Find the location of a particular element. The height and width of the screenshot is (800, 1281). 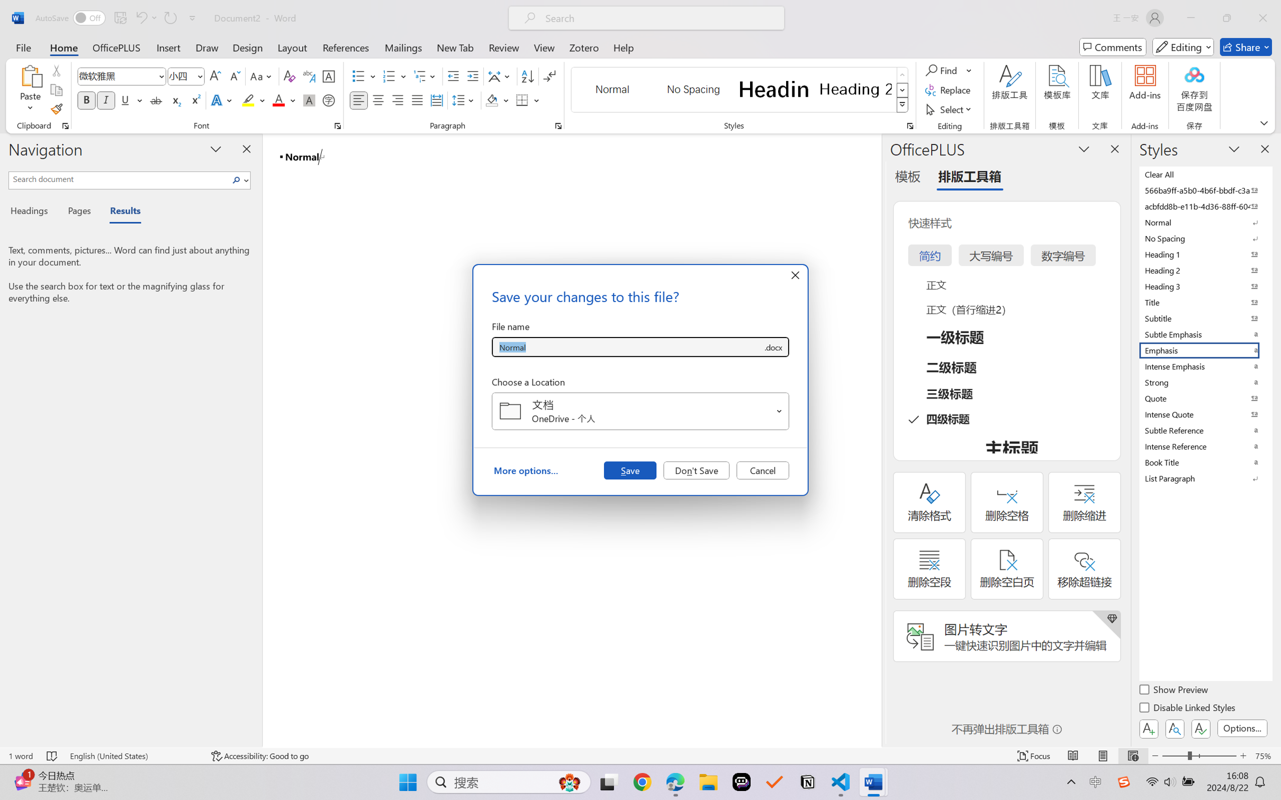

'Underline' is located at coordinates (124, 99).